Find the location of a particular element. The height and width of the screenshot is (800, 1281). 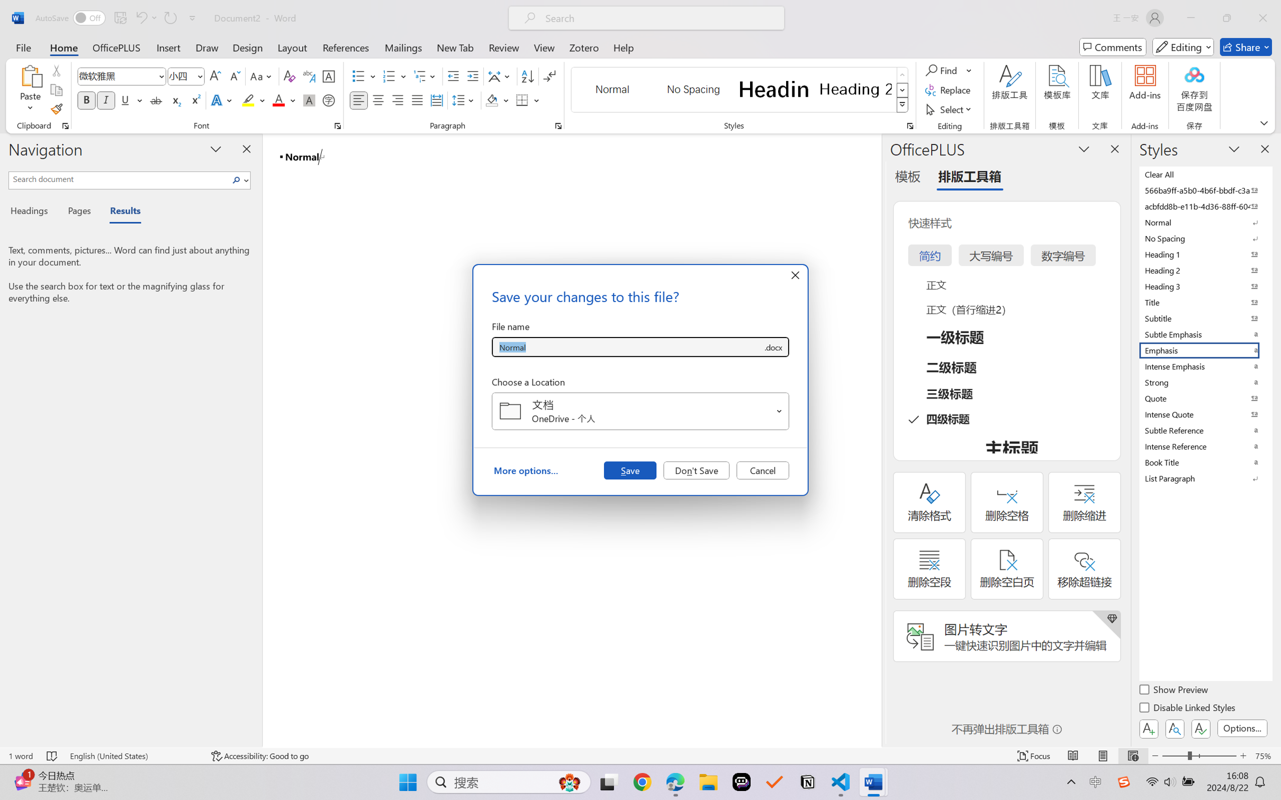

'Underline' is located at coordinates (124, 99).